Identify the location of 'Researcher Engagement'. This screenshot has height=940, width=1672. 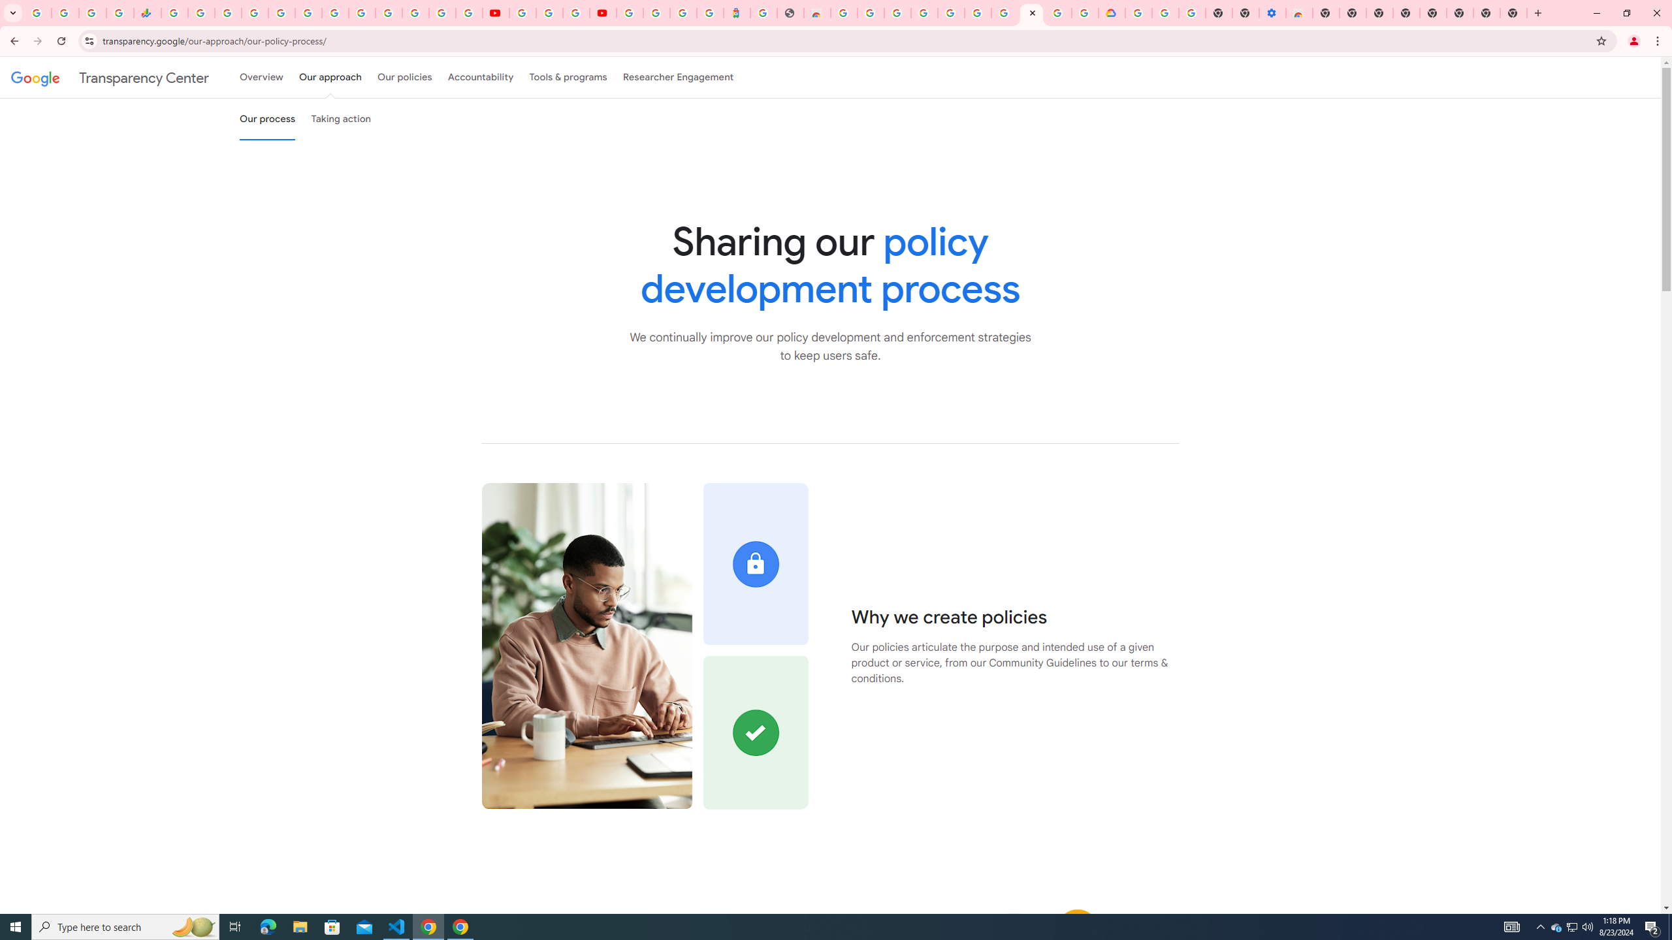
(679, 77).